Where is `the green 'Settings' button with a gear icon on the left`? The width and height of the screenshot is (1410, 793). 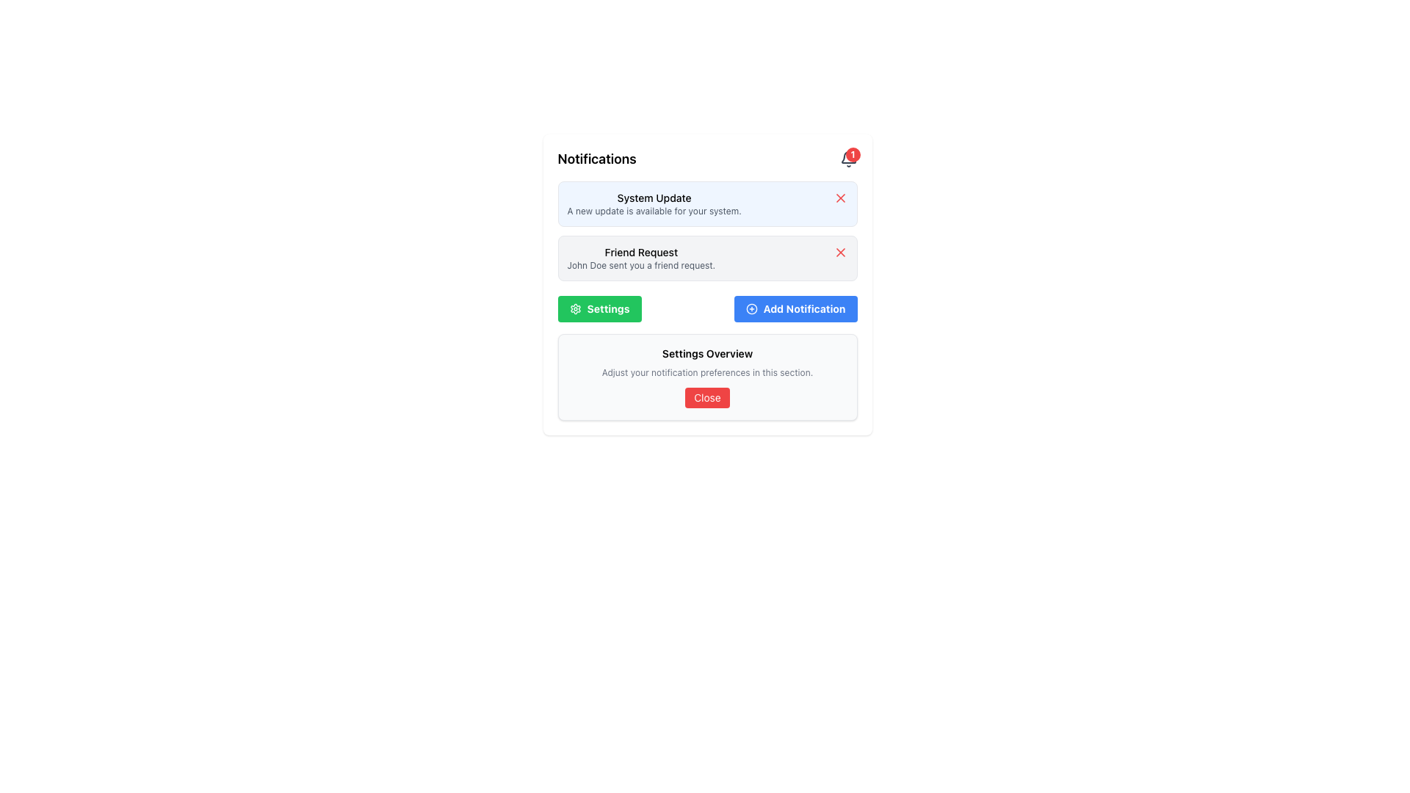 the green 'Settings' button with a gear icon on the left is located at coordinates (599, 308).